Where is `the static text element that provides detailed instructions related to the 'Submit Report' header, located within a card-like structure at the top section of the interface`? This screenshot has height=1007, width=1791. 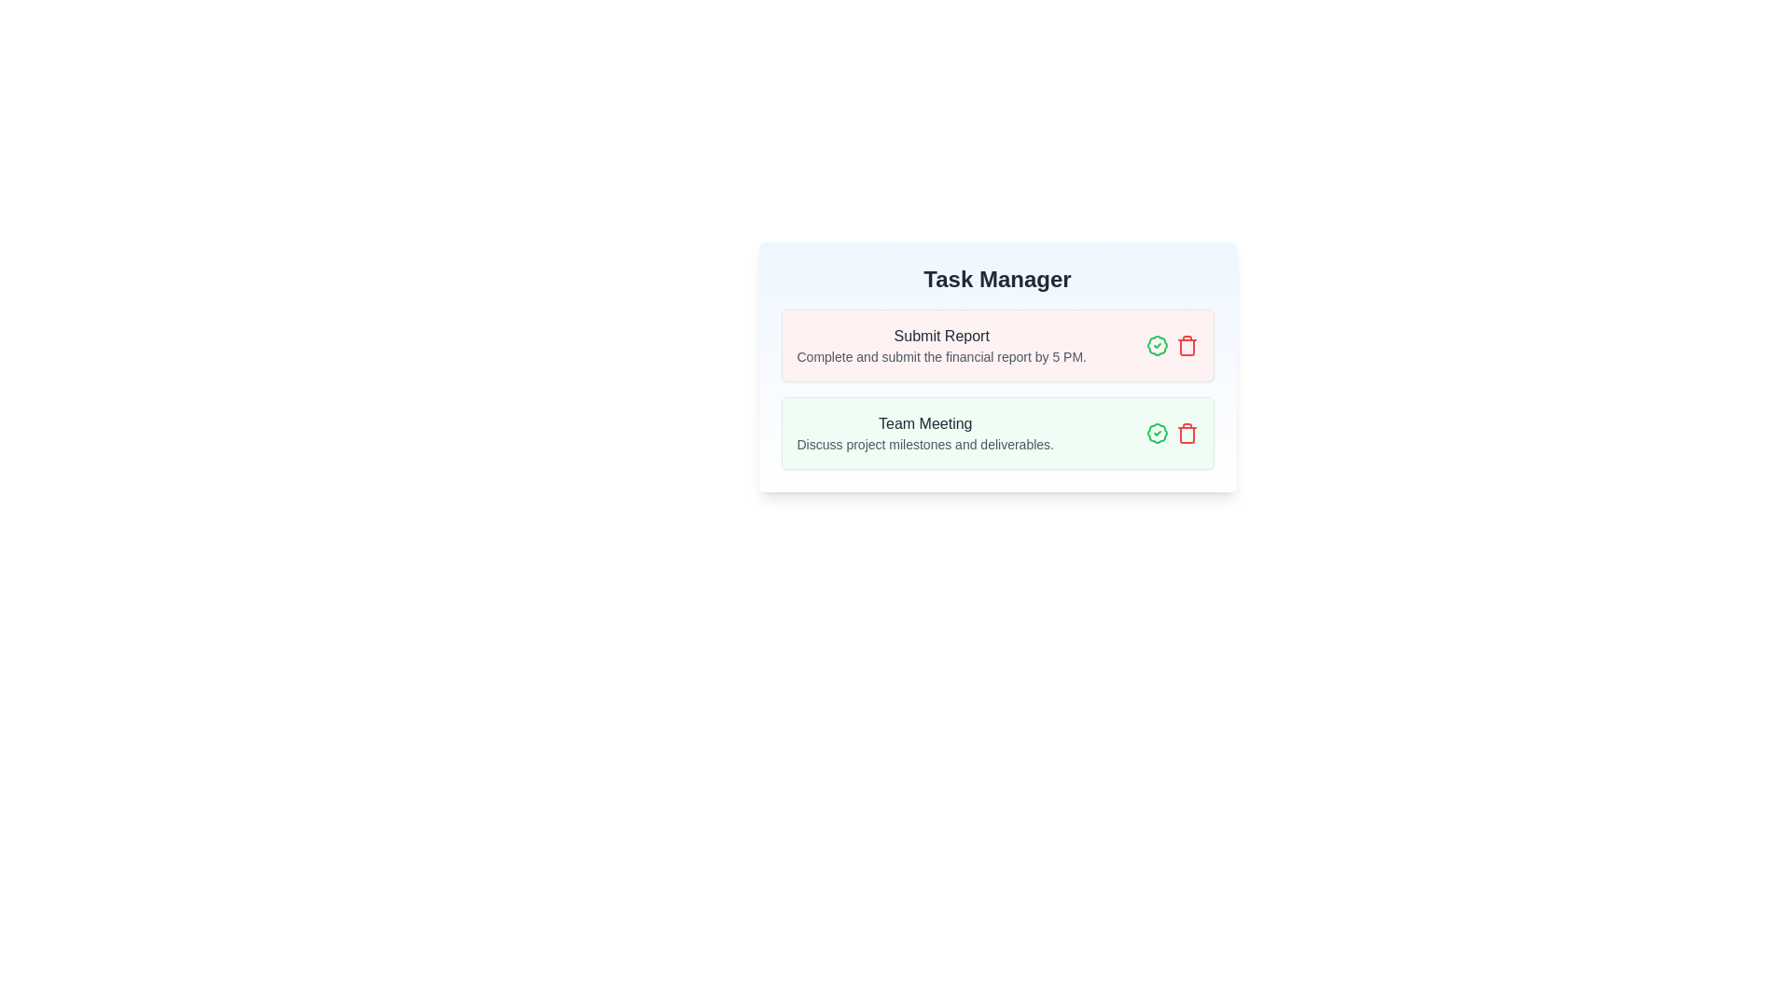
the static text element that provides detailed instructions related to the 'Submit Report' header, located within a card-like structure at the top section of the interface is located at coordinates (941, 356).